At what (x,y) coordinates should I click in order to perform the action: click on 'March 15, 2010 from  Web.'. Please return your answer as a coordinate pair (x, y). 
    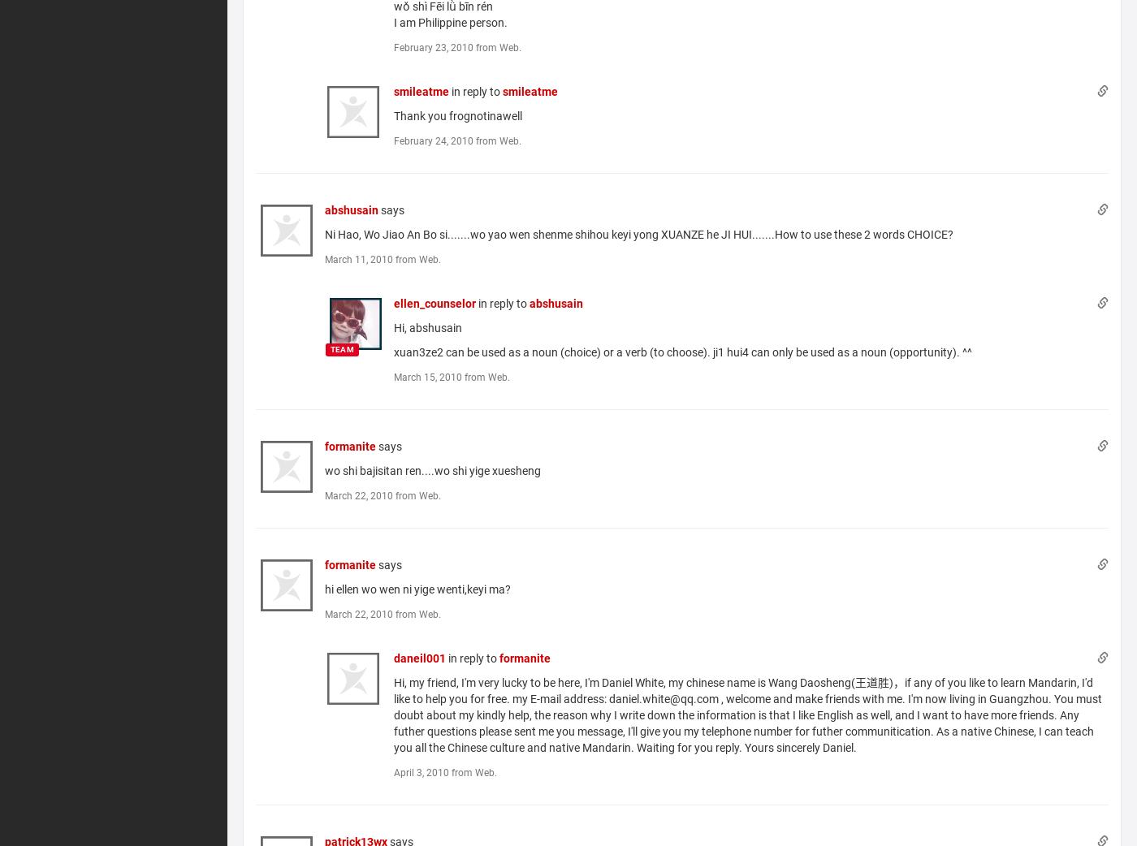
    Looking at the image, I should click on (452, 377).